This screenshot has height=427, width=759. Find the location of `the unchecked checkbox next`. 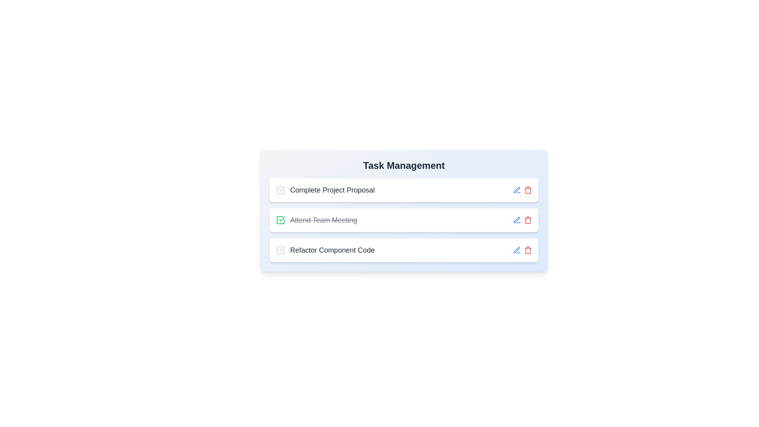

the unchecked checkbox next is located at coordinates (281, 250).